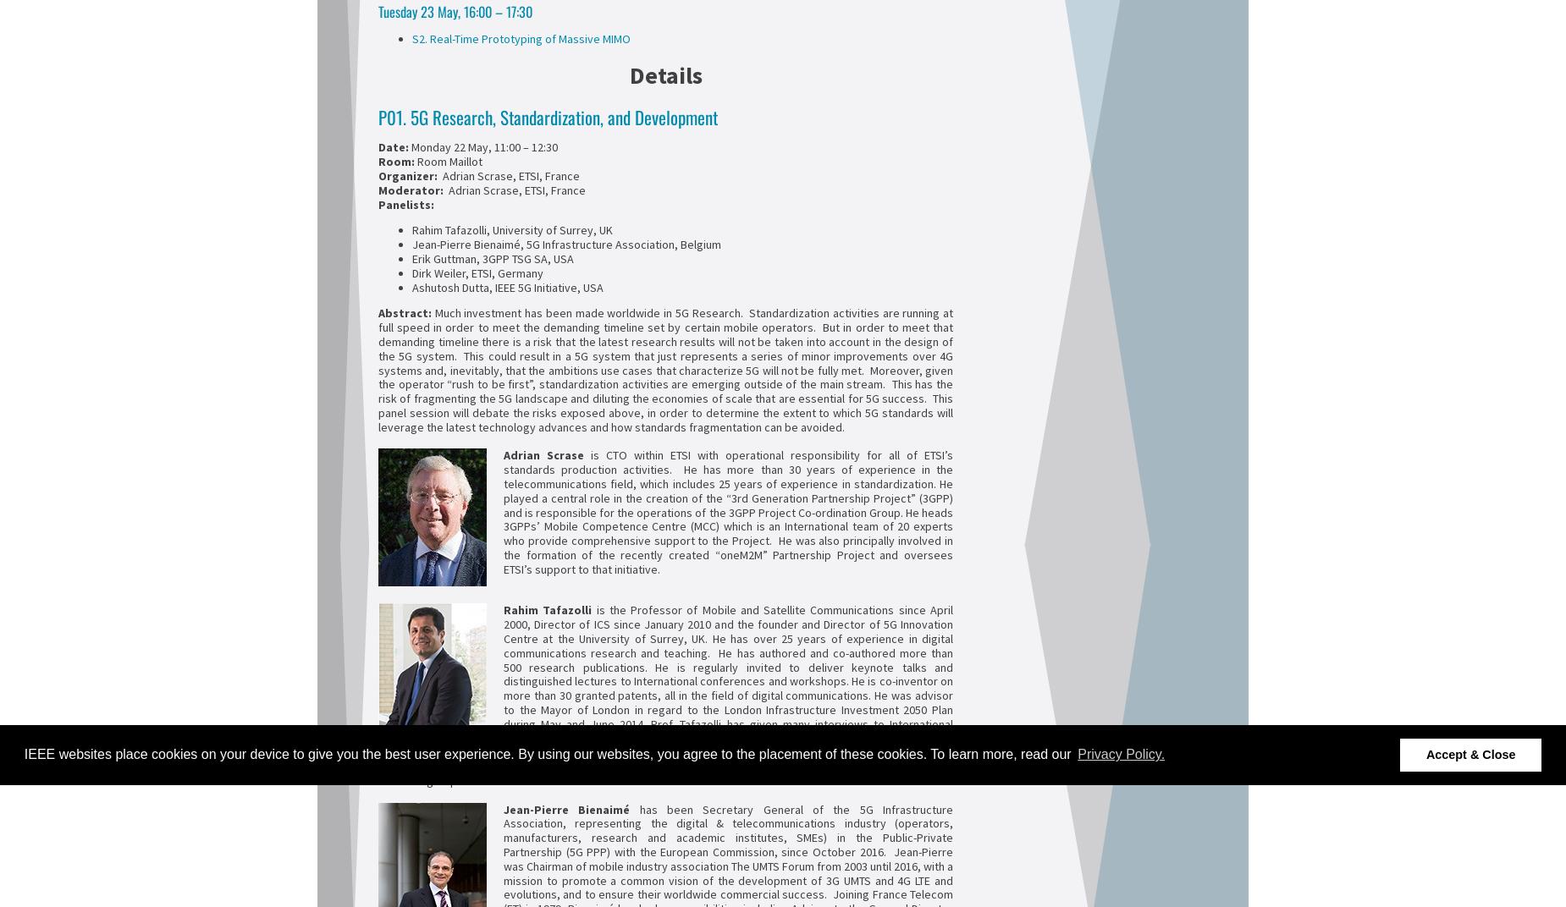 This screenshot has width=1566, height=907. What do you see at coordinates (1120, 754) in the screenshot?
I see `'Privacy Policy.'` at bounding box center [1120, 754].